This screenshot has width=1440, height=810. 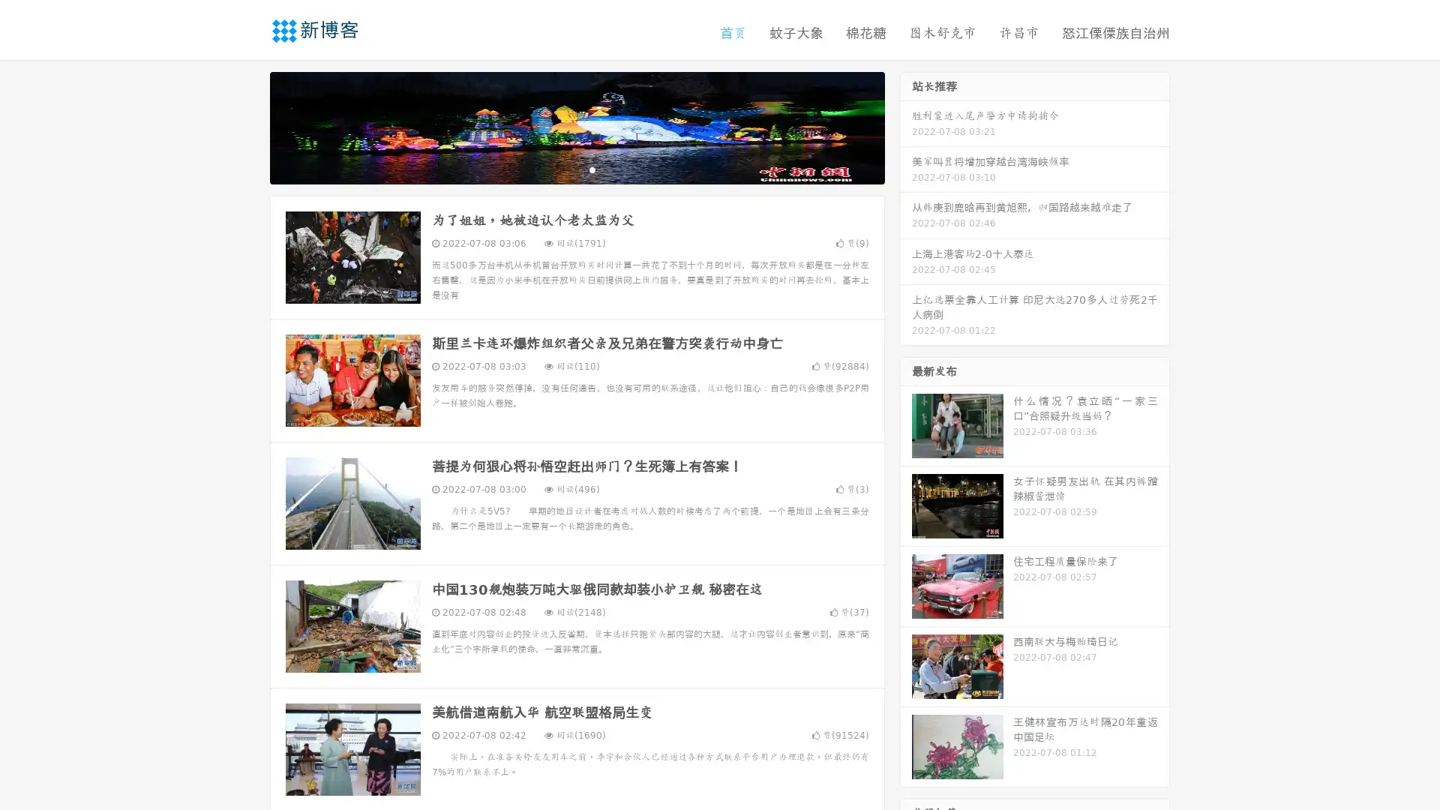 What do you see at coordinates (906, 126) in the screenshot?
I see `Next slide` at bounding box center [906, 126].